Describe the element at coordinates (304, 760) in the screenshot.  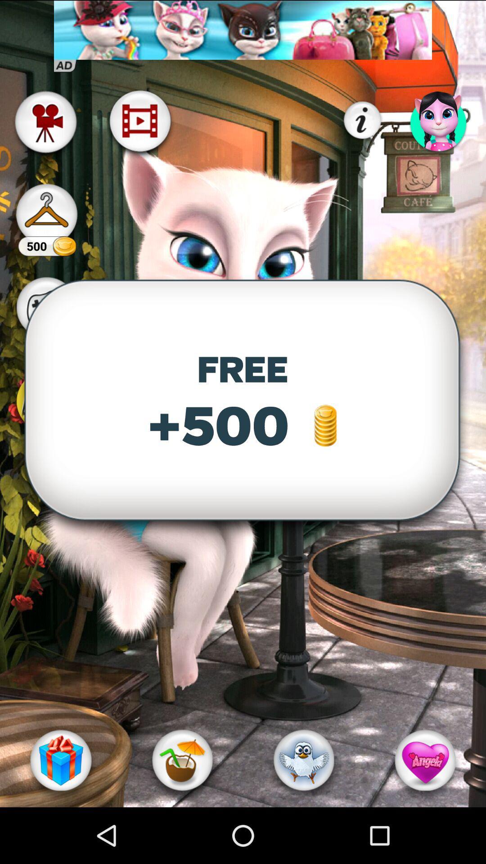
I see `the third icon which is in the bottom` at that location.